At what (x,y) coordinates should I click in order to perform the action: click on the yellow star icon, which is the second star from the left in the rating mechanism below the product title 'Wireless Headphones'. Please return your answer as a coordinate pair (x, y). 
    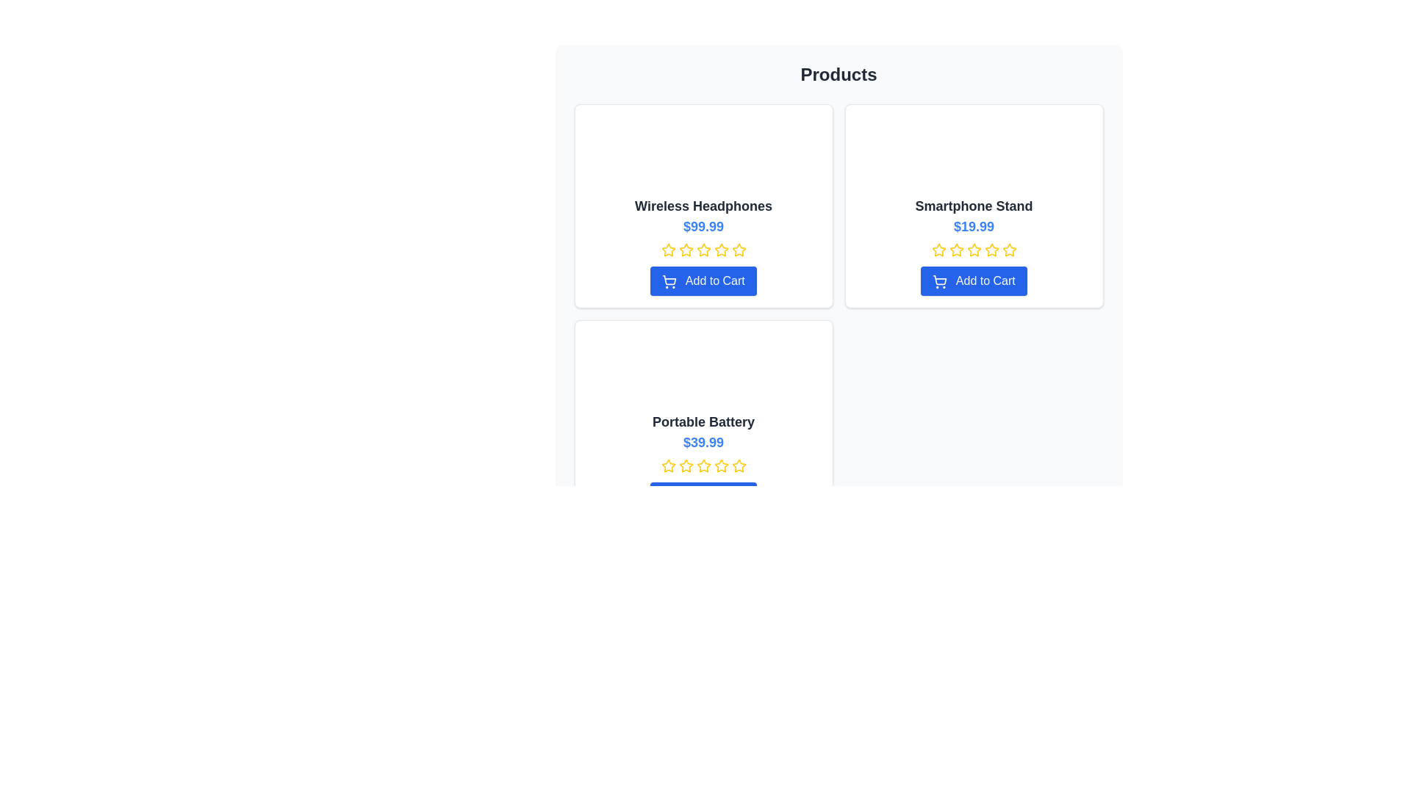
    Looking at the image, I should click on (685, 249).